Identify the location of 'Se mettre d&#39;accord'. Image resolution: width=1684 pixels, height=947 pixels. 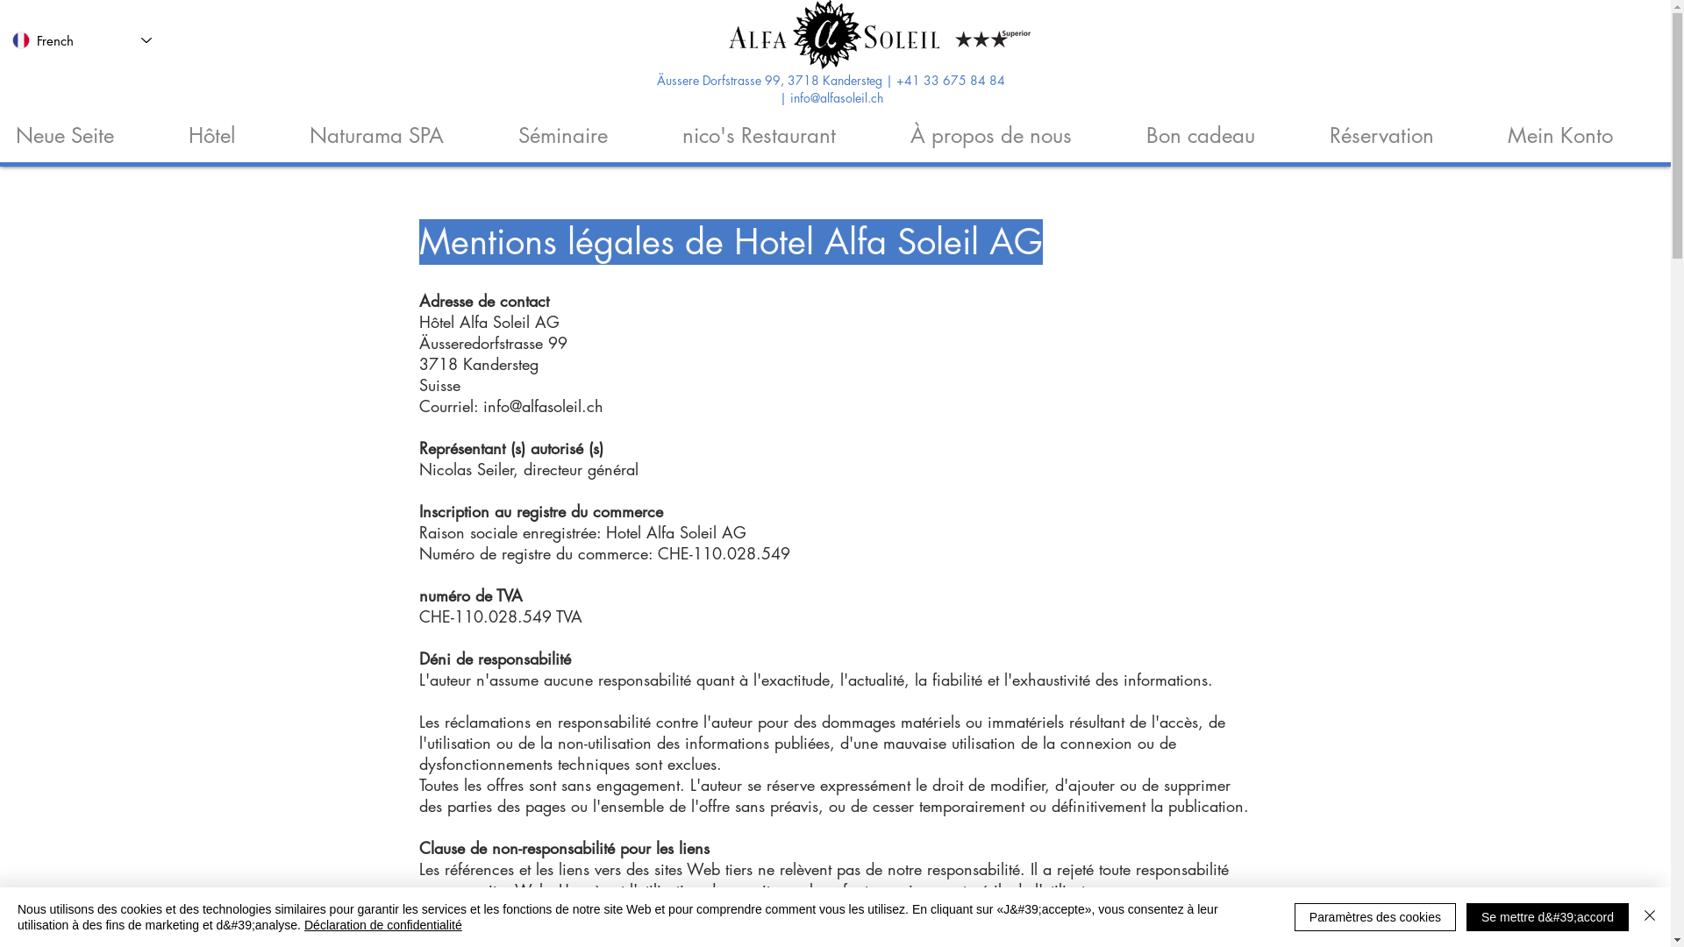
(1547, 915).